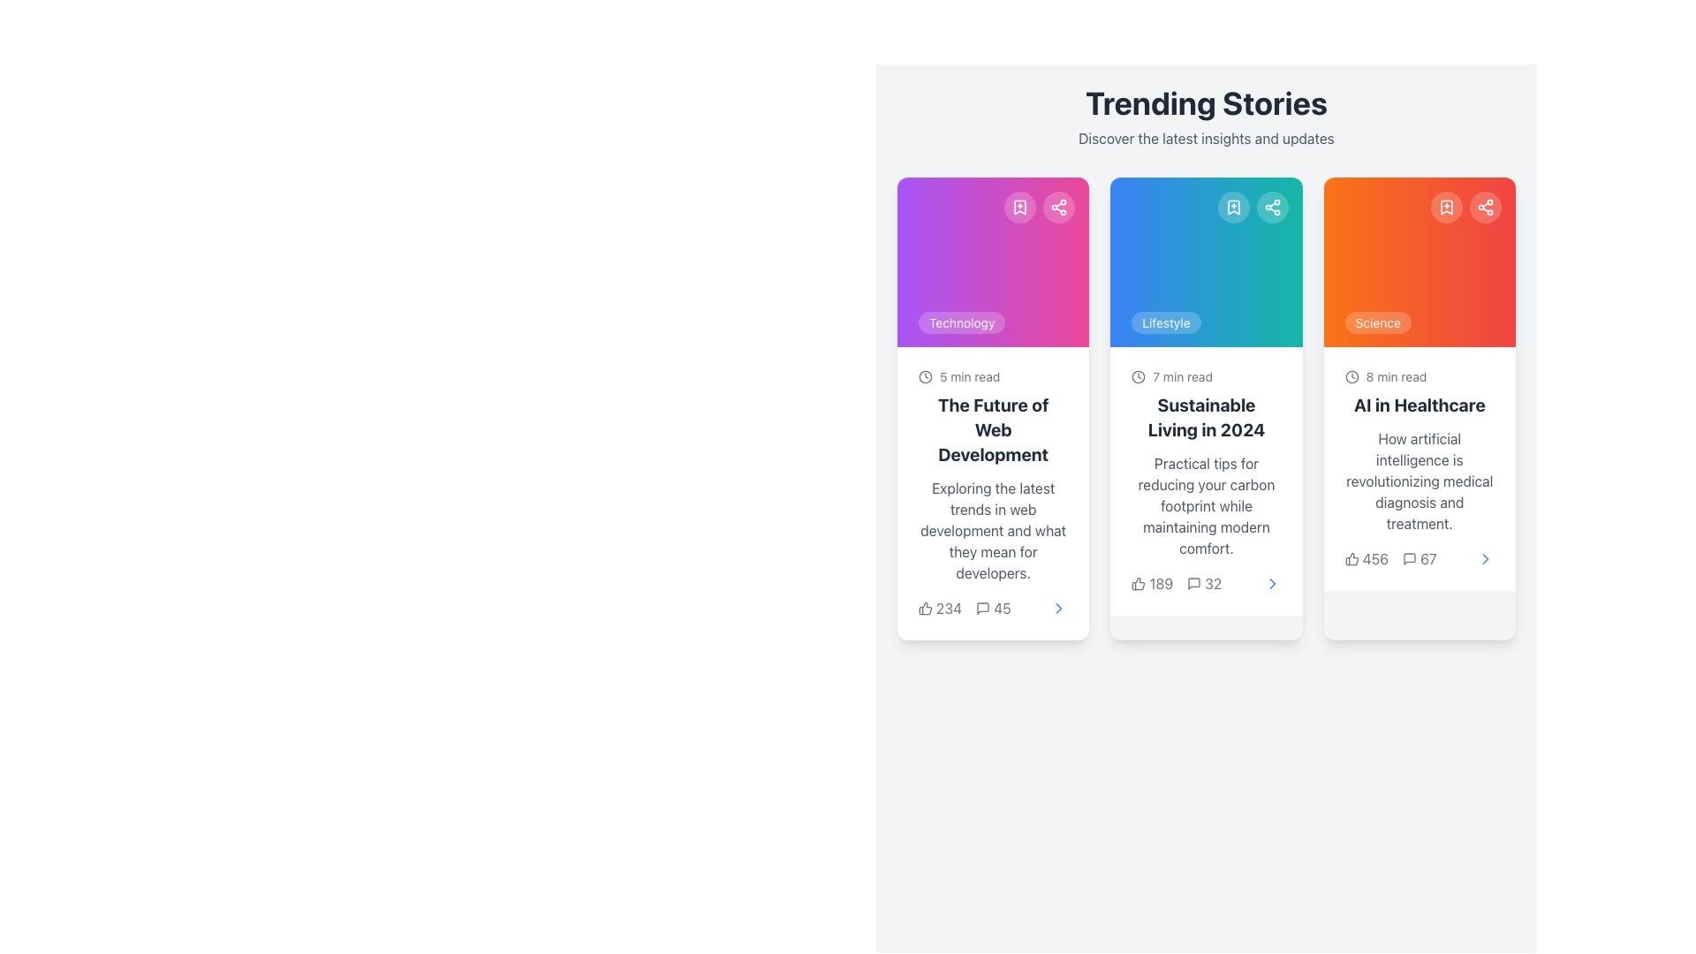 Image resolution: width=1696 pixels, height=954 pixels. I want to click on the text element displaying the number '189' in gray color, located adjacent to a thumbs-up icon in the second card of the grid layout, so click(1161, 583).